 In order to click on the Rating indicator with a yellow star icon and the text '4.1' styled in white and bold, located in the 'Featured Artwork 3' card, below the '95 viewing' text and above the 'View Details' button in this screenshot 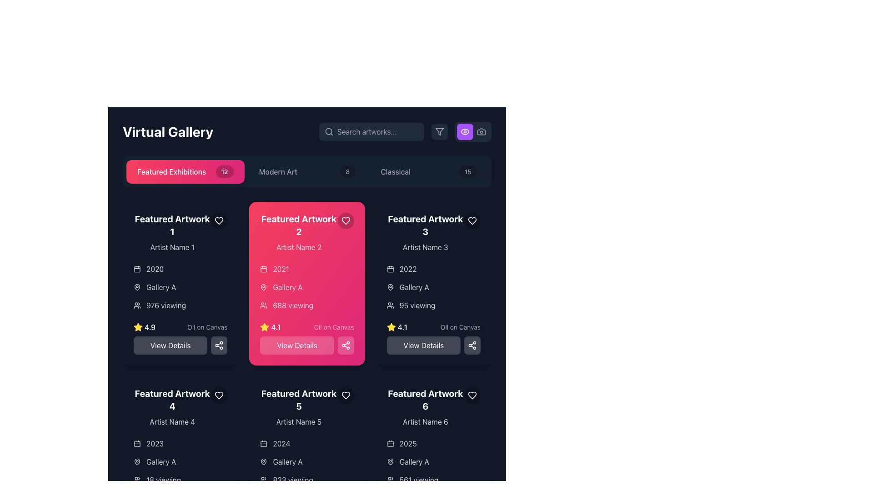, I will do `click(397, 327)`.